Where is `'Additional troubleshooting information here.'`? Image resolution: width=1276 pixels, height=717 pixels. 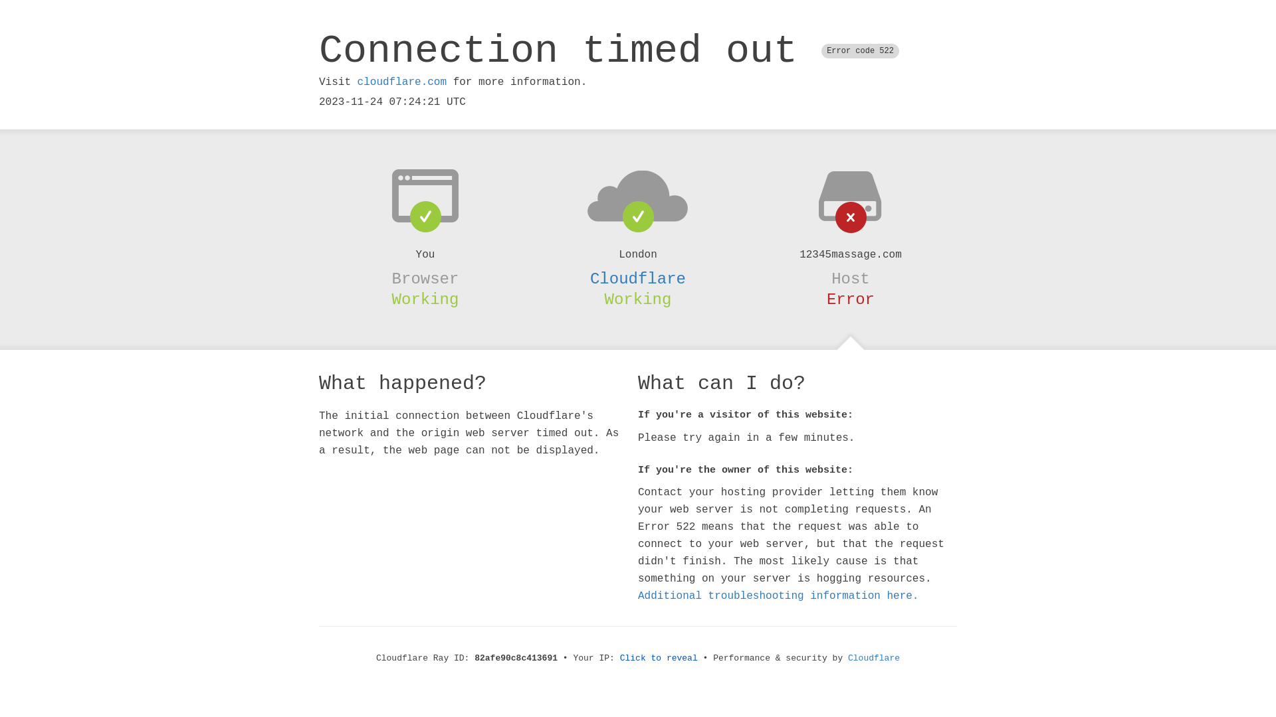 'Additional troubleshooting information here.' is located at coordinates (778, 596).